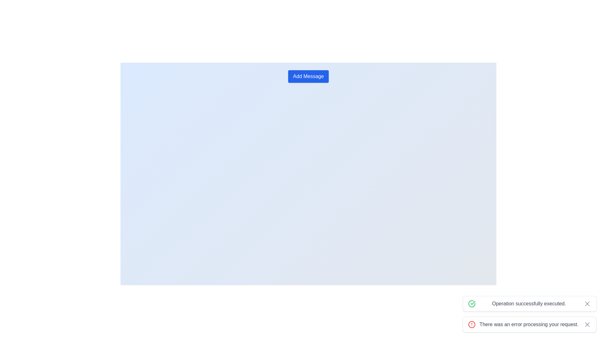 This screenshot has height=340, width=604. What do you see at coordinates (587, 324) in the screenshot?
I see `the close button located at the bottom right of the alert message panel` at bounding box center [587, 324].